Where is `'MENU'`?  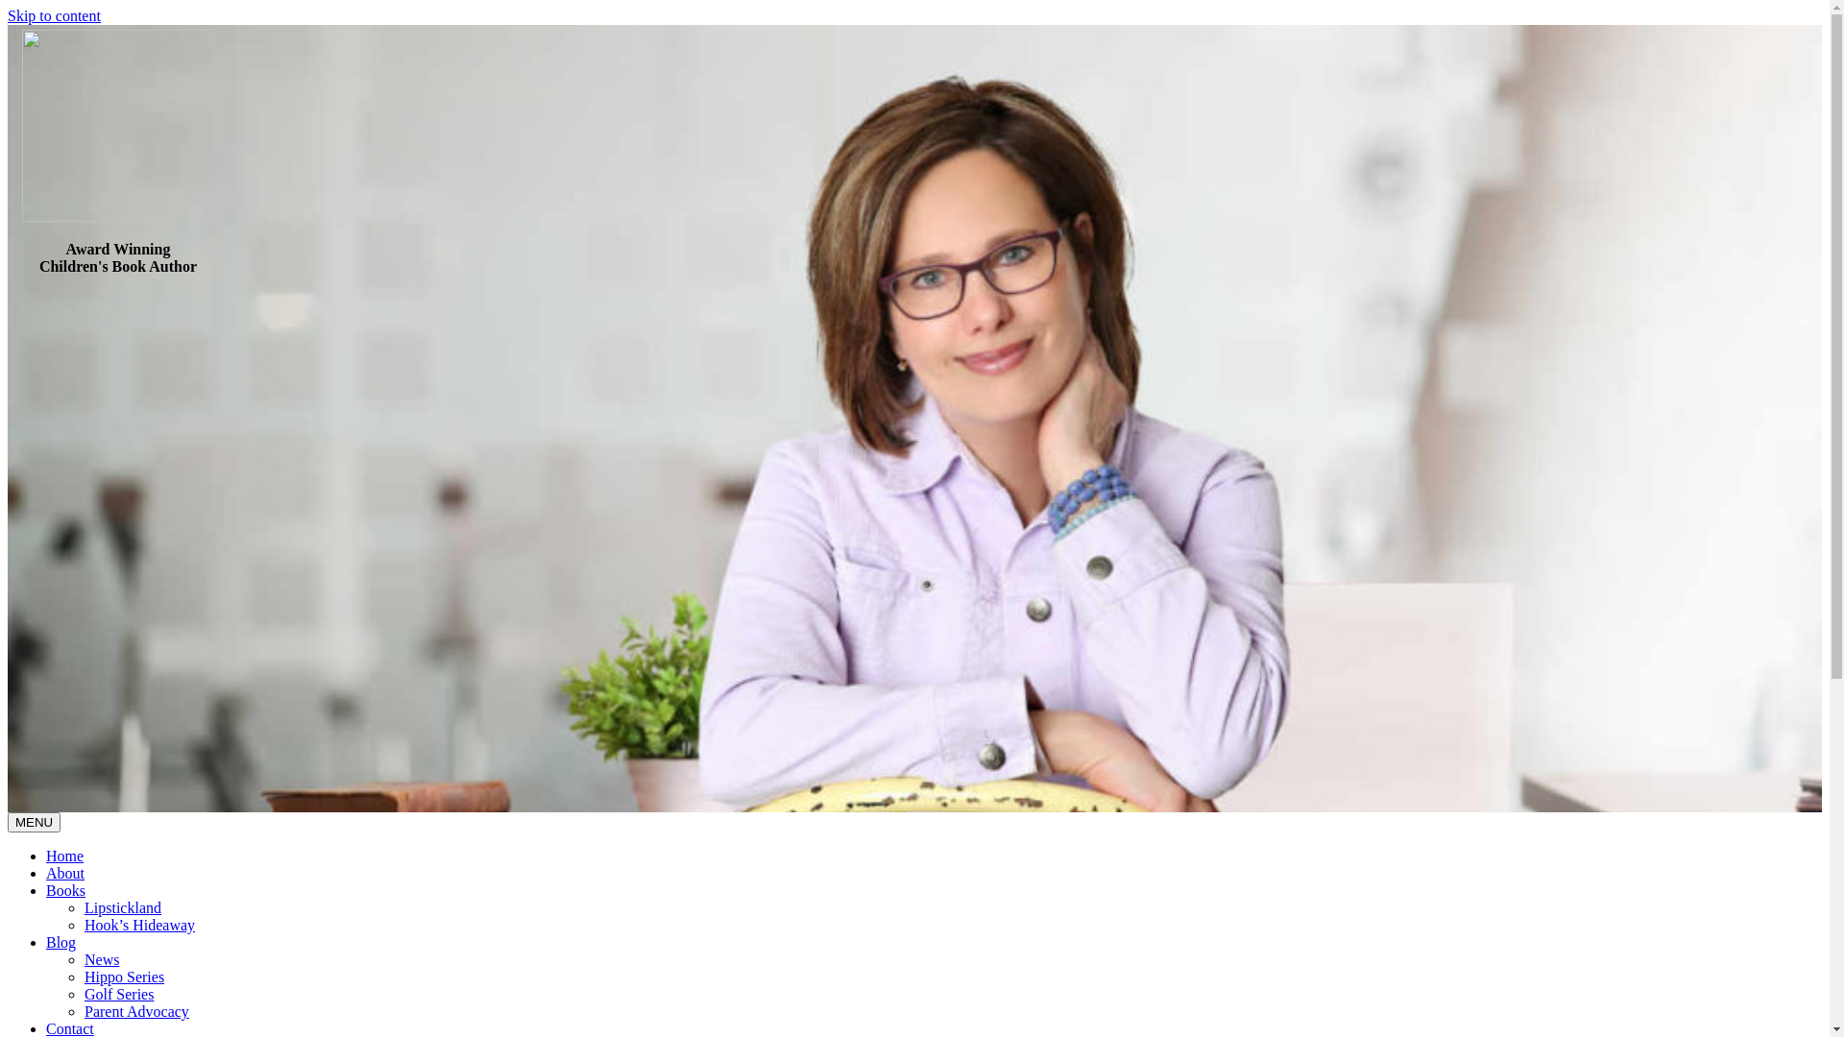 'MENU' is located at coordinates (34, 821).